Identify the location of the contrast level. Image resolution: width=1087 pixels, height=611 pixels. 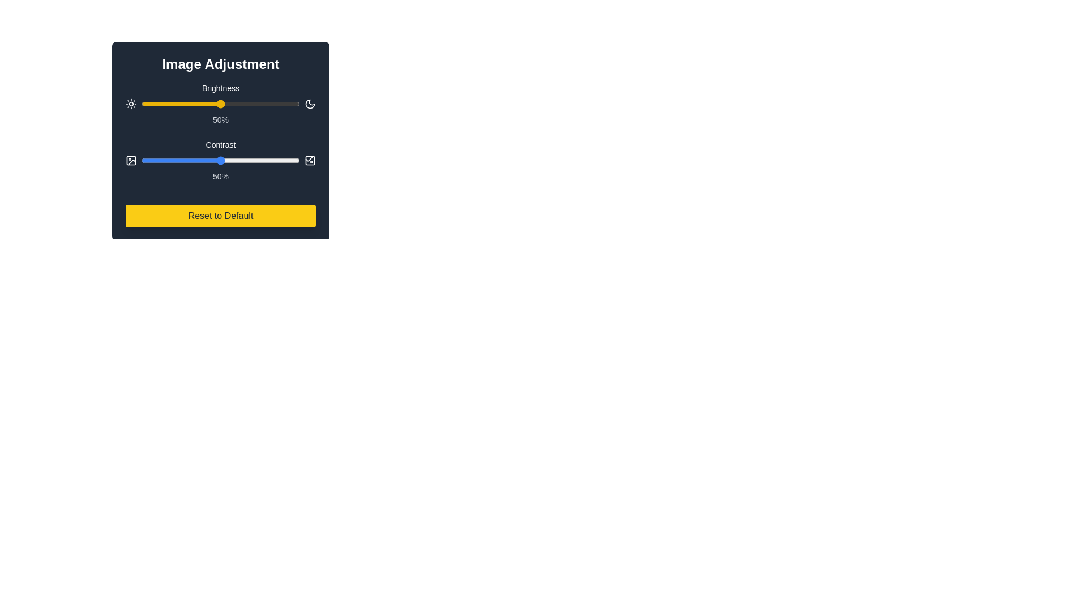
(203, 161).